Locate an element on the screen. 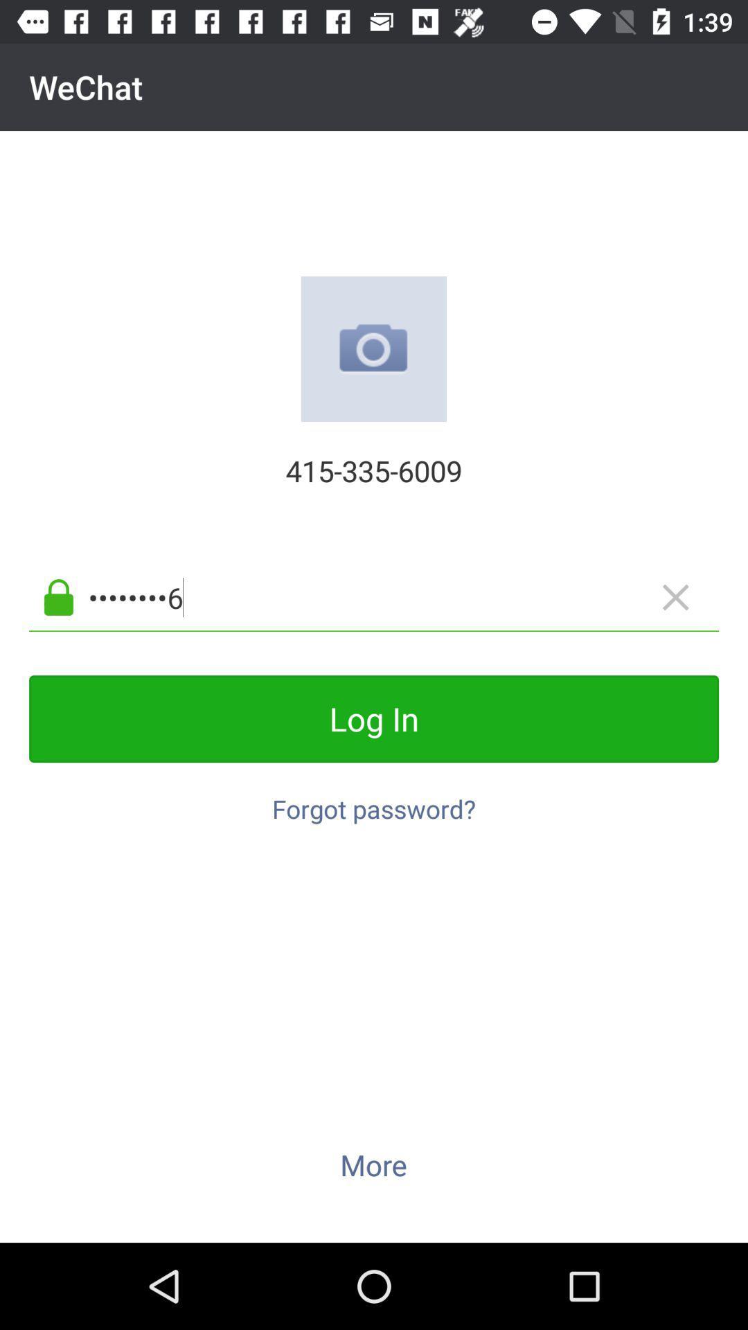 The height and width of the screenshot is (1330, 748). the forgot password? item is located at coordinates (374, 801).